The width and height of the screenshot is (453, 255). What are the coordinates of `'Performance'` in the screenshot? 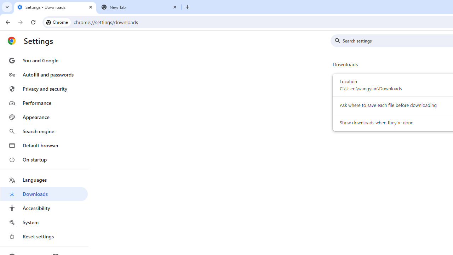 It's located at (44, 103).